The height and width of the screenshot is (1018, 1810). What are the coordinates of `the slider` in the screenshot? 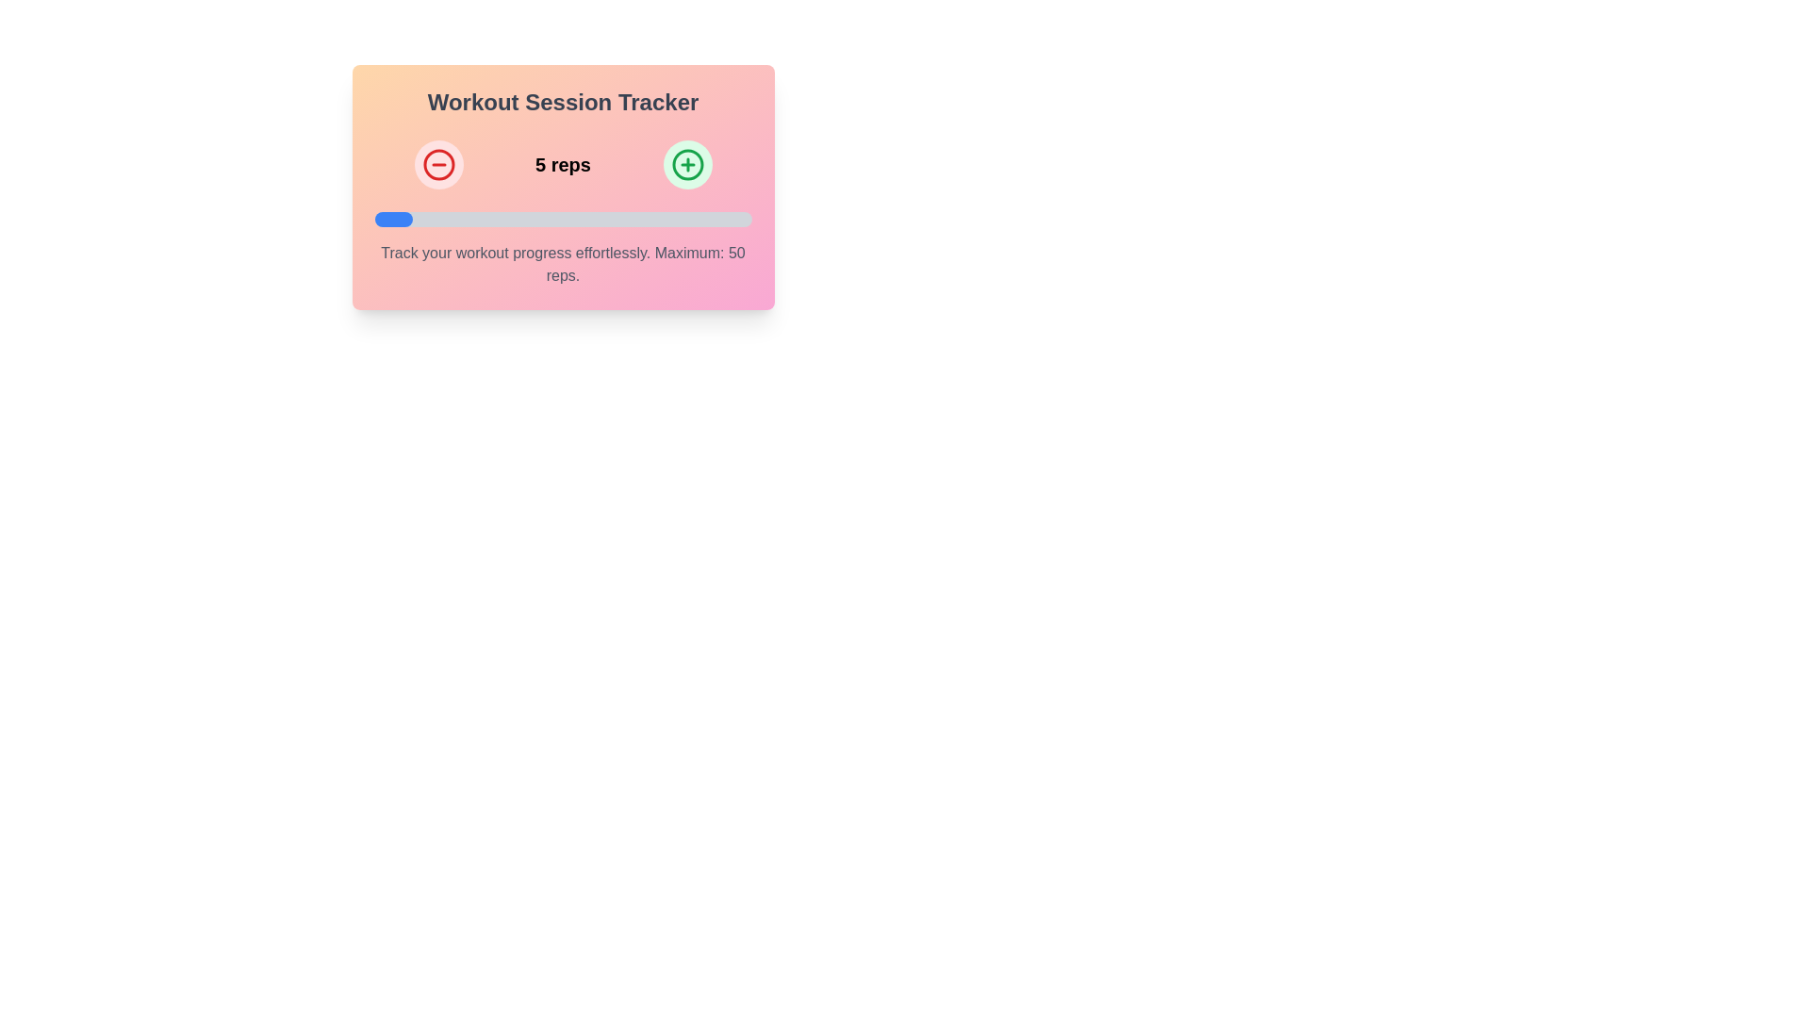 It's located at (406, 218).